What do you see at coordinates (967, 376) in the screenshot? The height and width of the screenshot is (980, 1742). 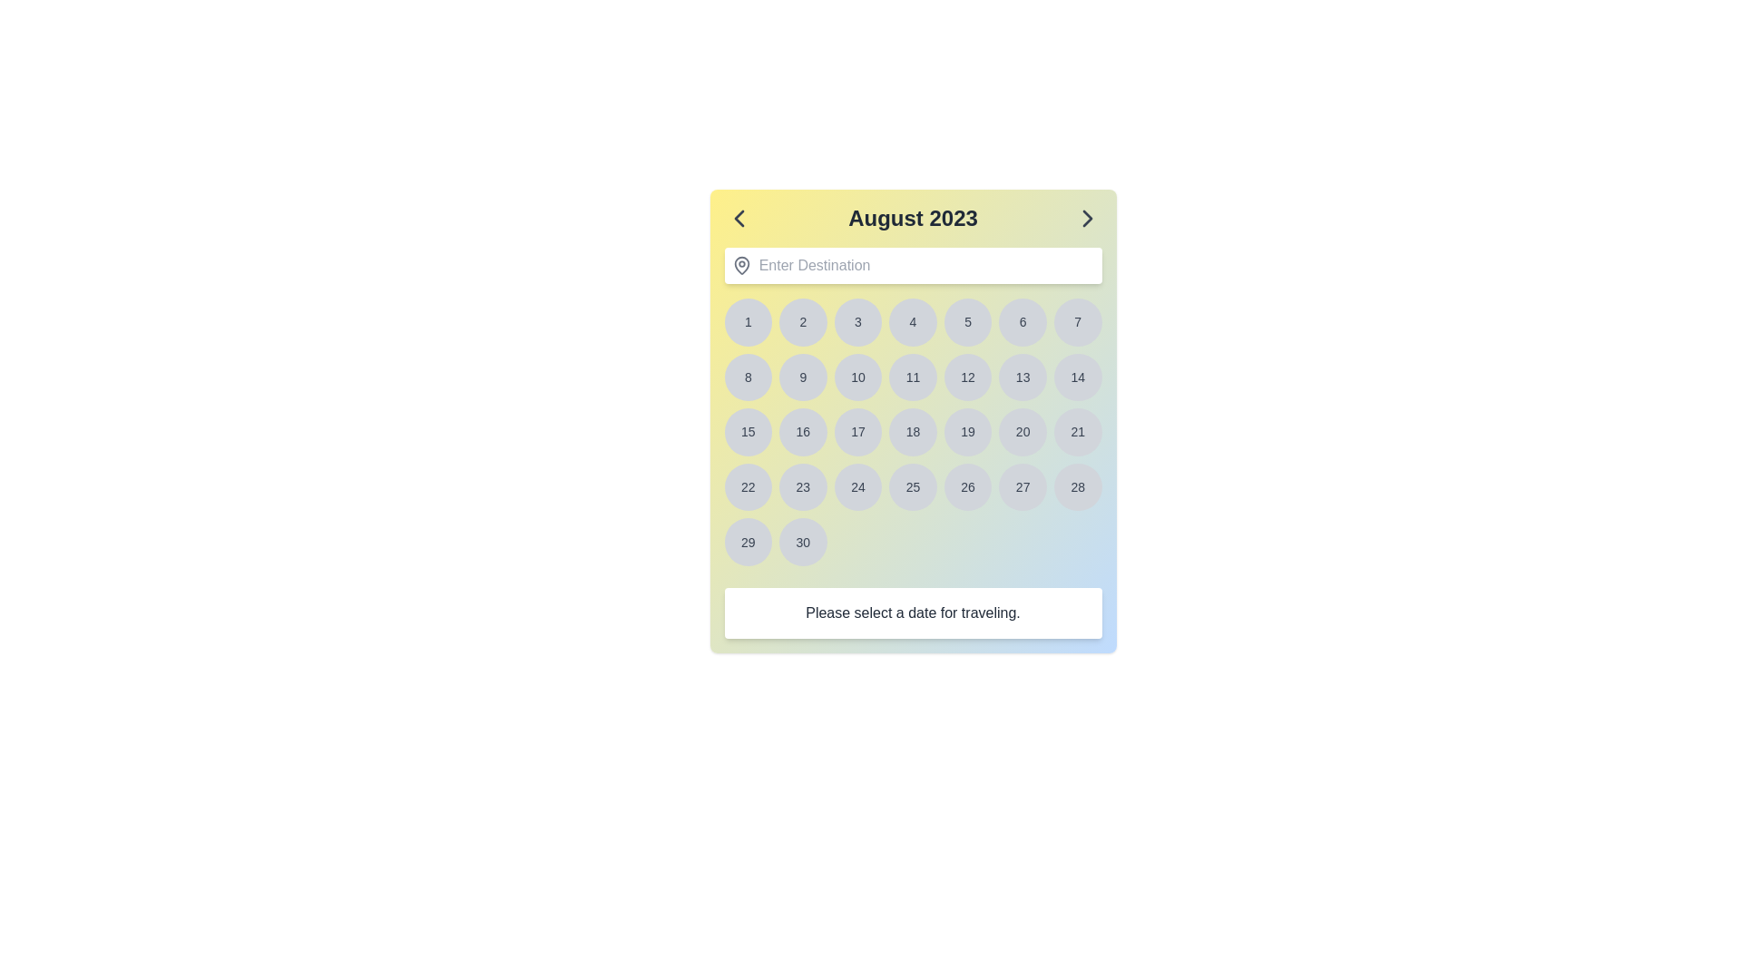 I see `the circular button labeled '12' in the calendar grid` at bounding box center [967, 376].